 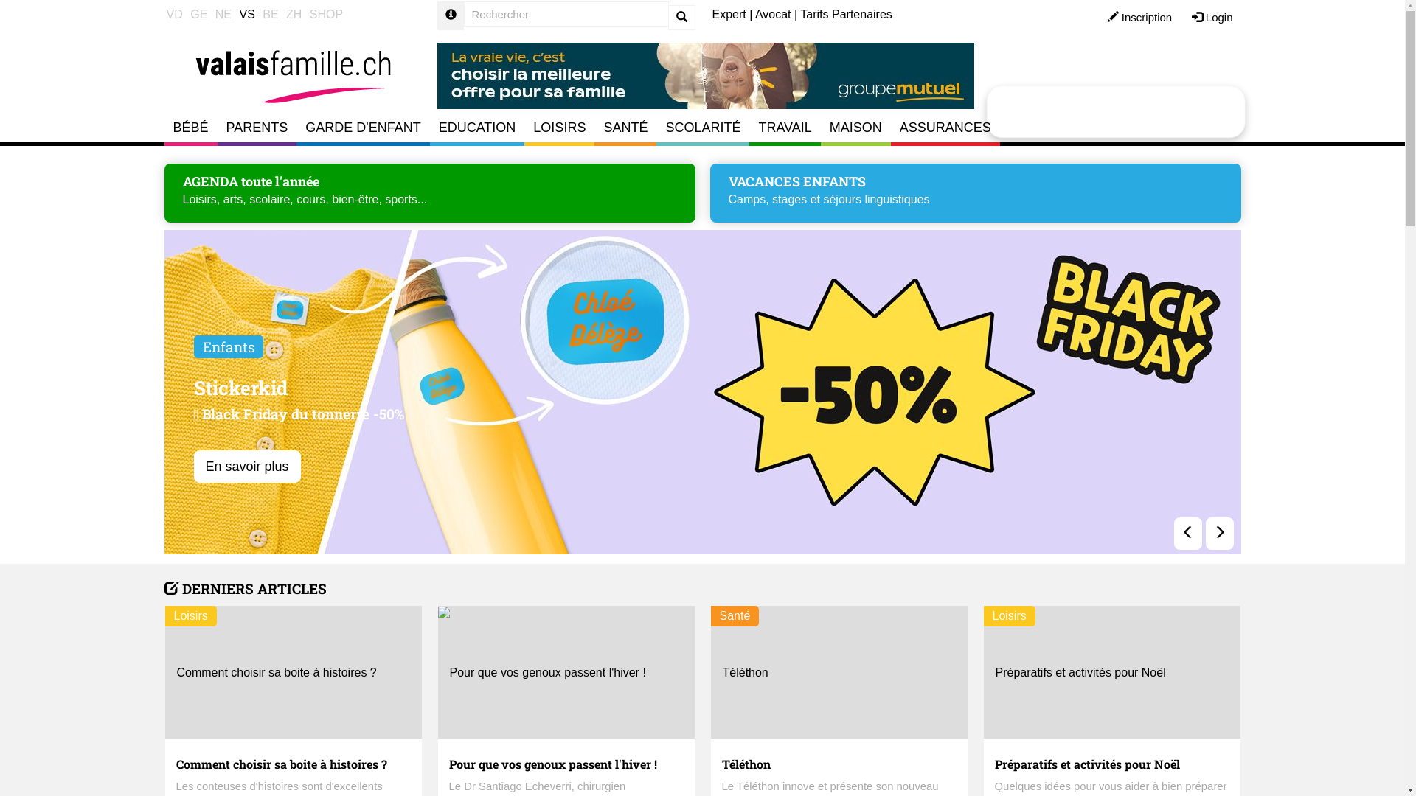 I want to click on 'Inscription', so click(x=1139, y=18).